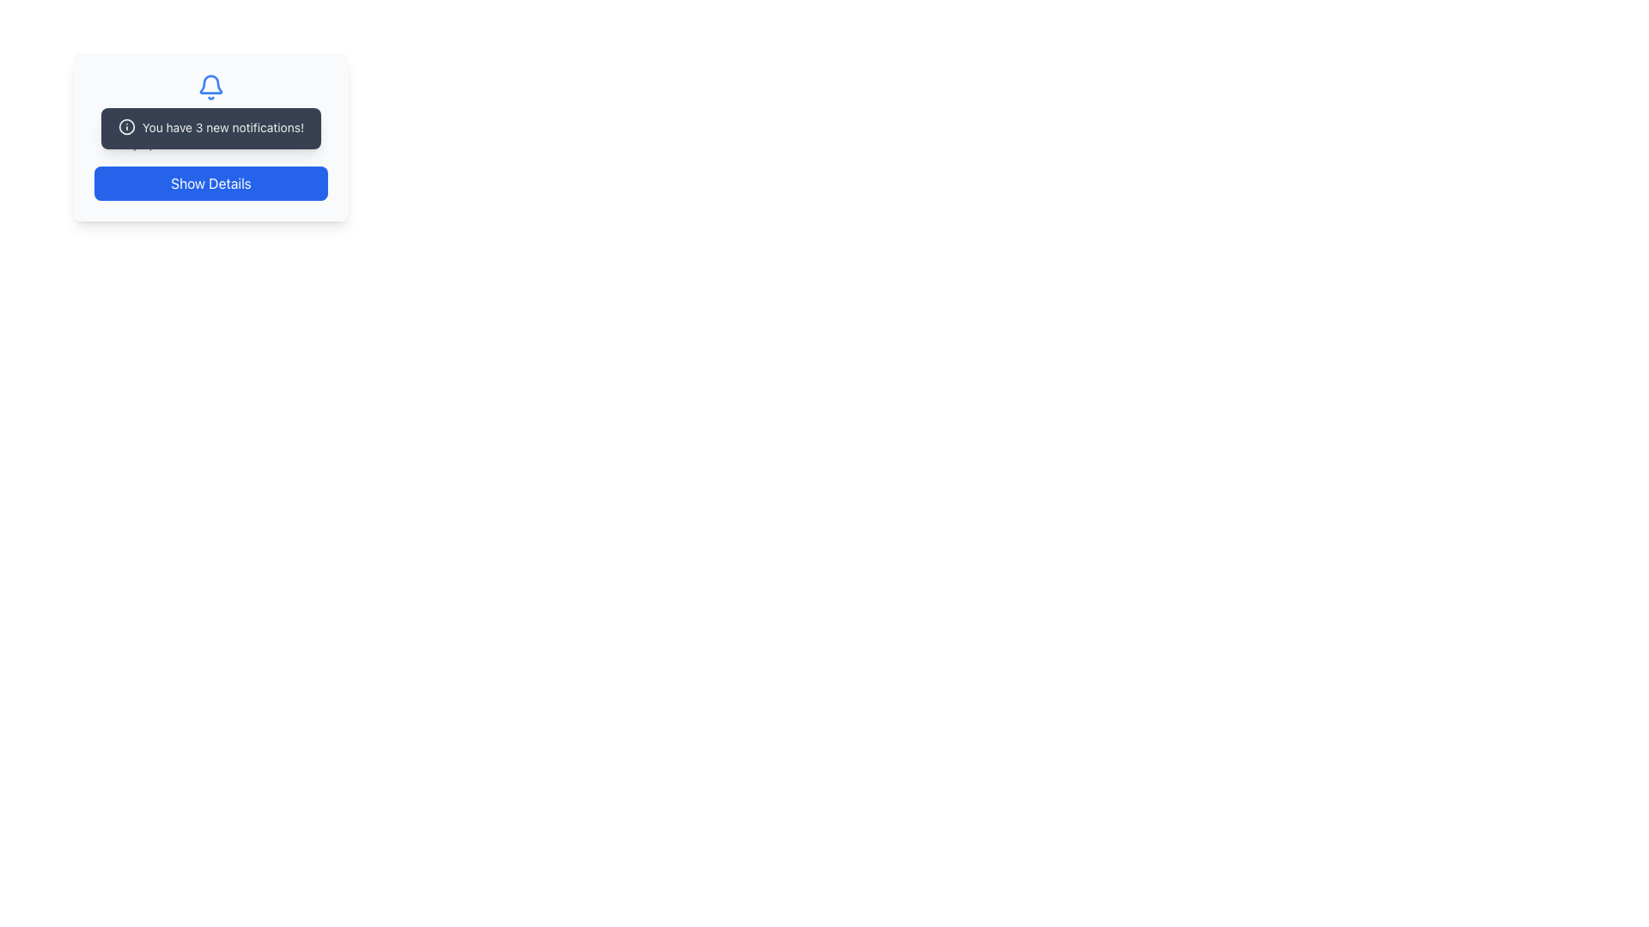 This screenshot has width=1649, height=927. I want to click on the 'Show Details' button, which is a rectangular button with rounded corners, blue background, and white centered text, so click(210, 183).